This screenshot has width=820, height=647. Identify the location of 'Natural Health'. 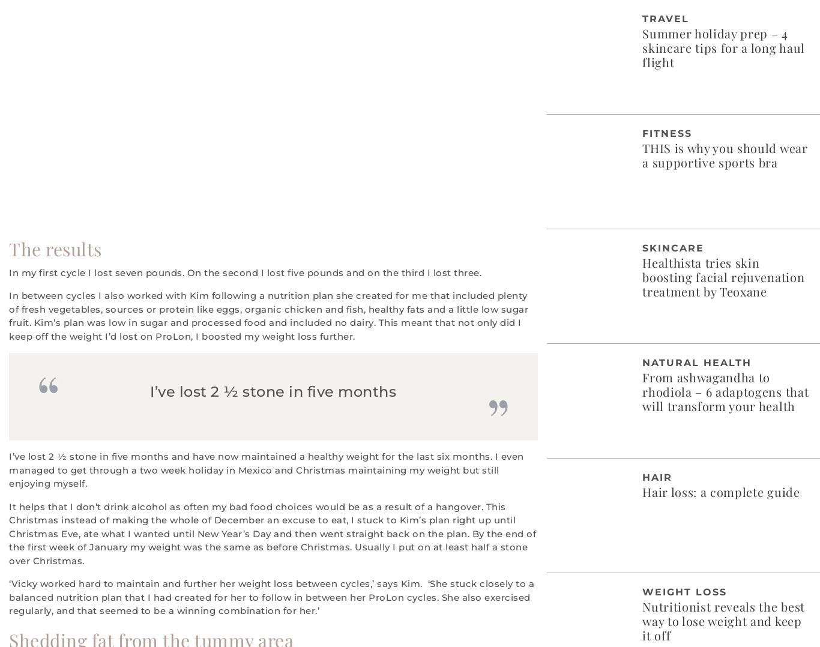
(696, 362).